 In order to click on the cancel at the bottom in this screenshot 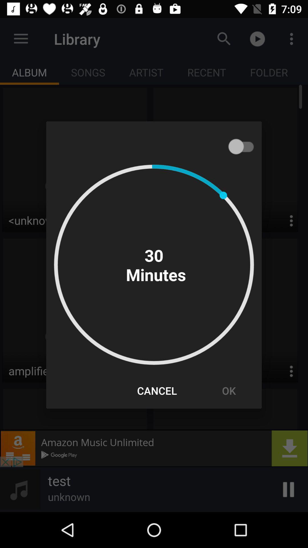, I will do `click(157, 390)`.